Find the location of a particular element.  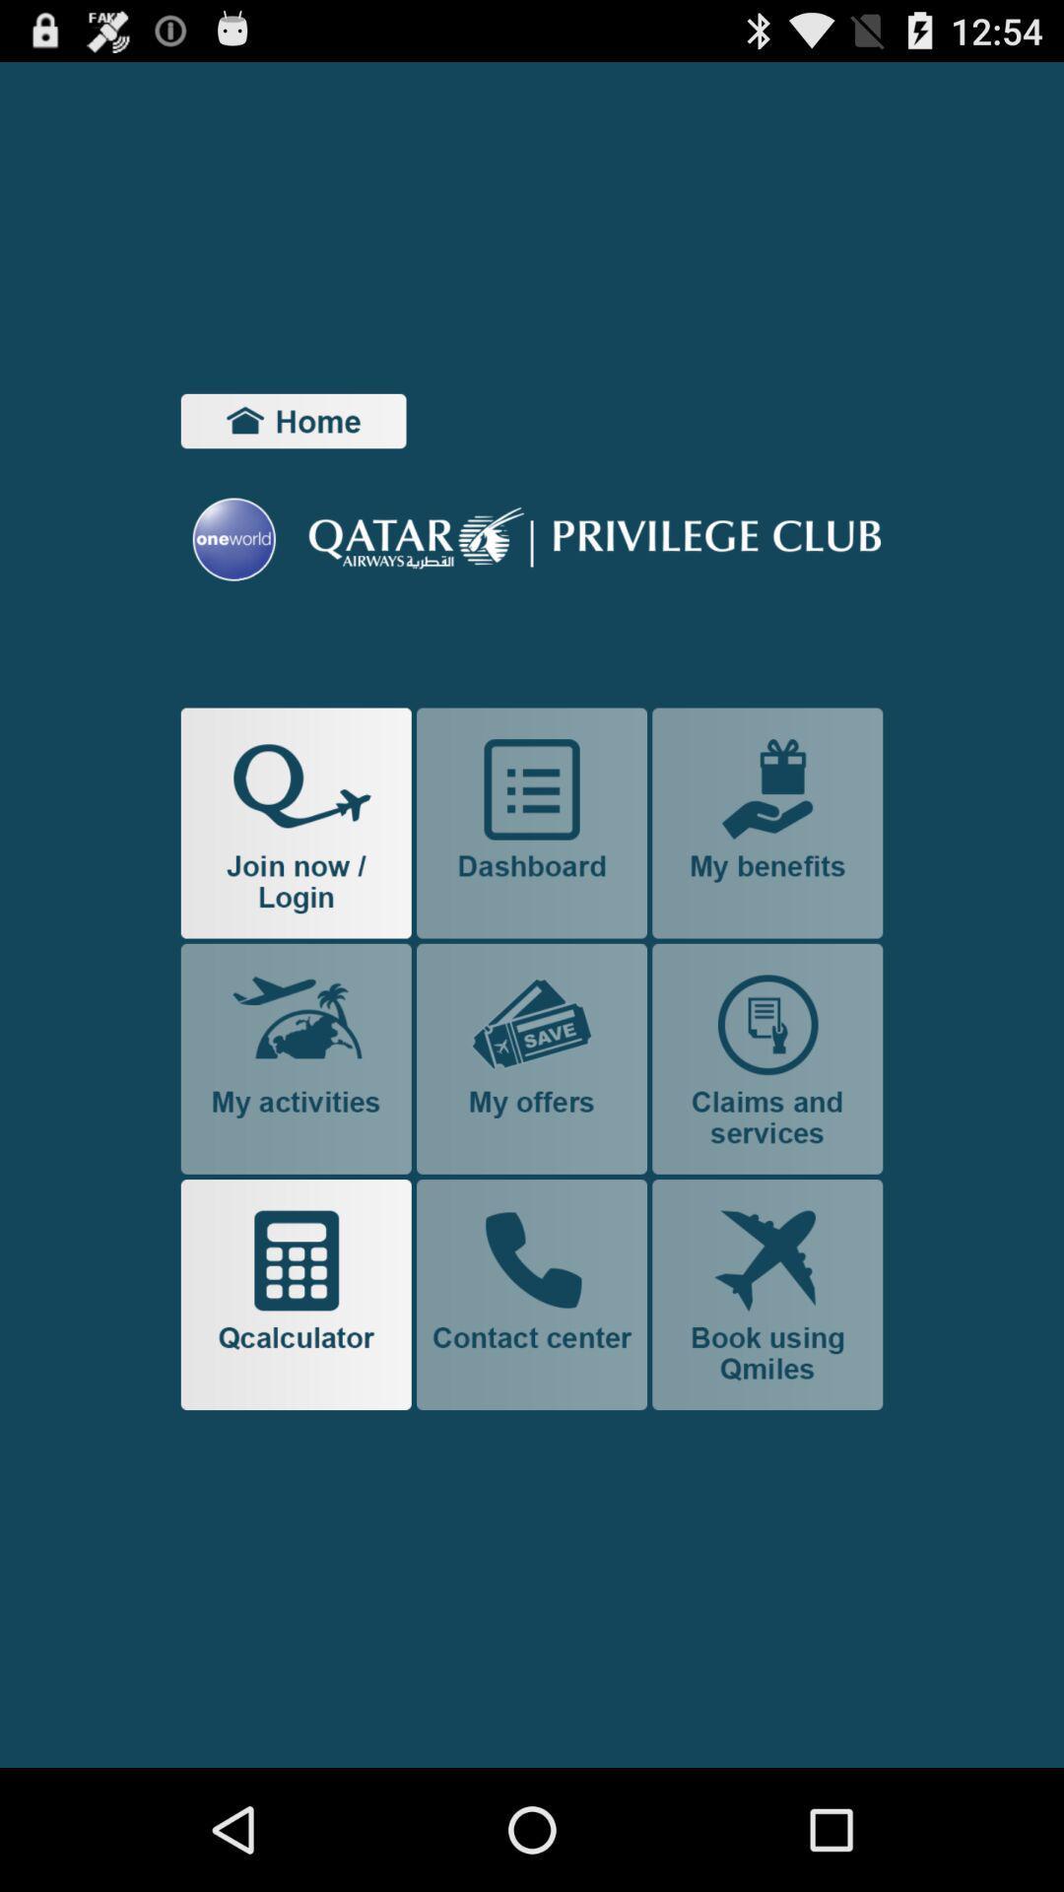

register or login is located at coordinates (296, 823).